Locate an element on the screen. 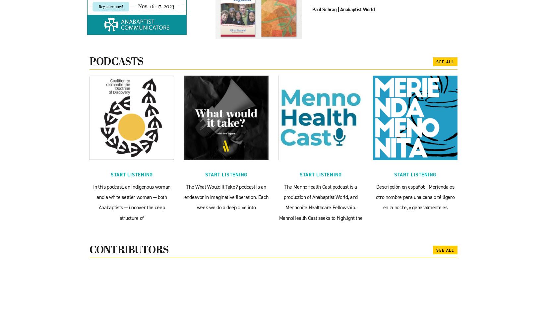 The height and width of the screenshot is (318, 547). 'The What Would It Take? podcast is an endeavor in imaginative liberation. Each week we do a deep dive into' is located at coordinates (225, 197).